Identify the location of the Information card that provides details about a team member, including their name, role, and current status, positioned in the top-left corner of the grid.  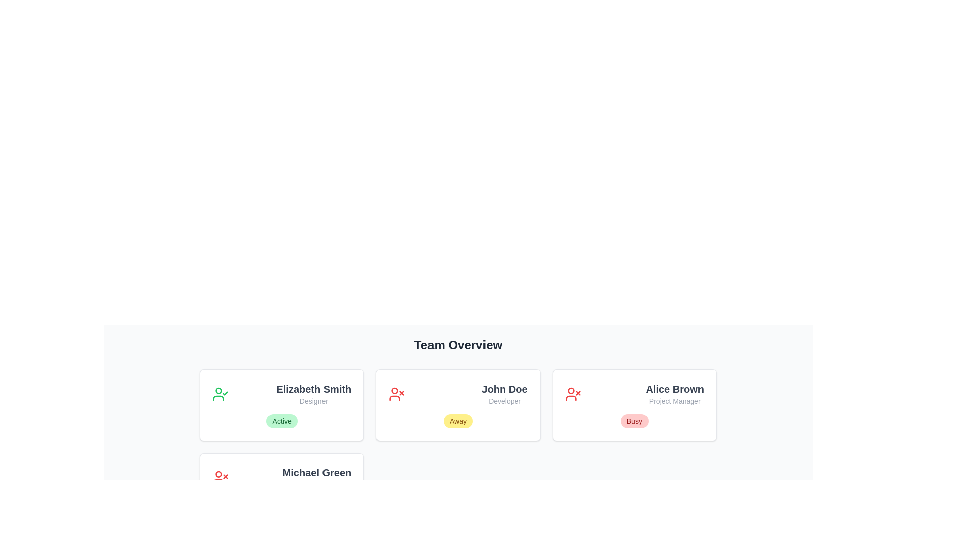
(282, 404).